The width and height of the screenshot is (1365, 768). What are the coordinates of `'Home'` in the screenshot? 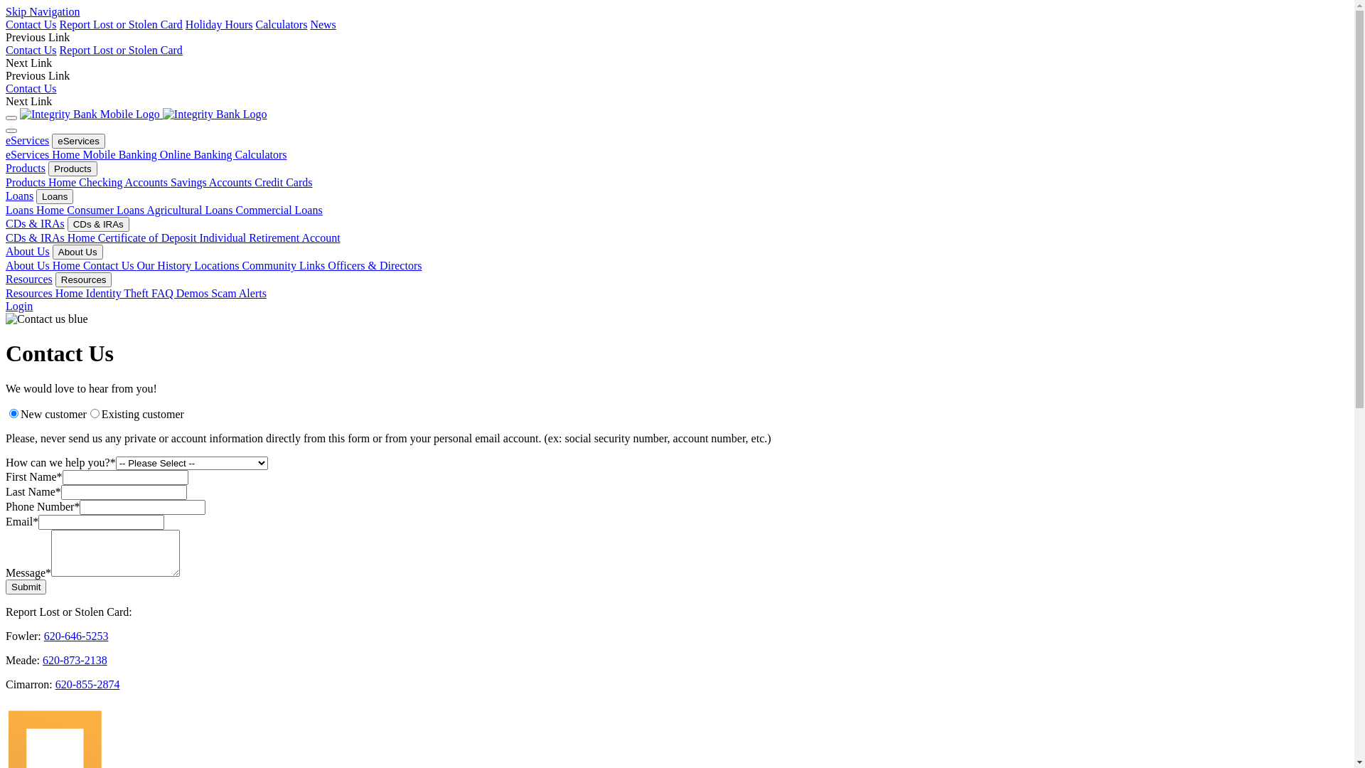 It's located at (163, 113).